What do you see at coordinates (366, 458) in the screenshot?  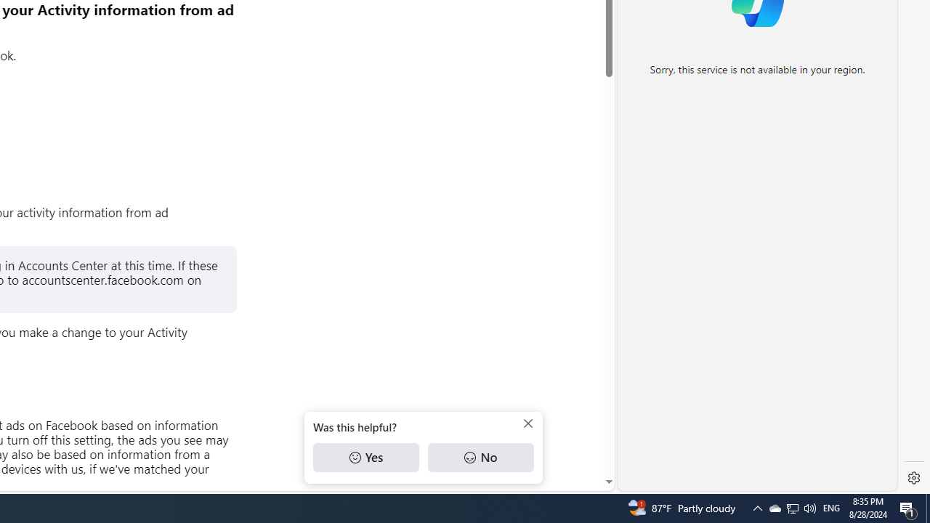 I see `'Yes'` at bounding box center [366, 458].